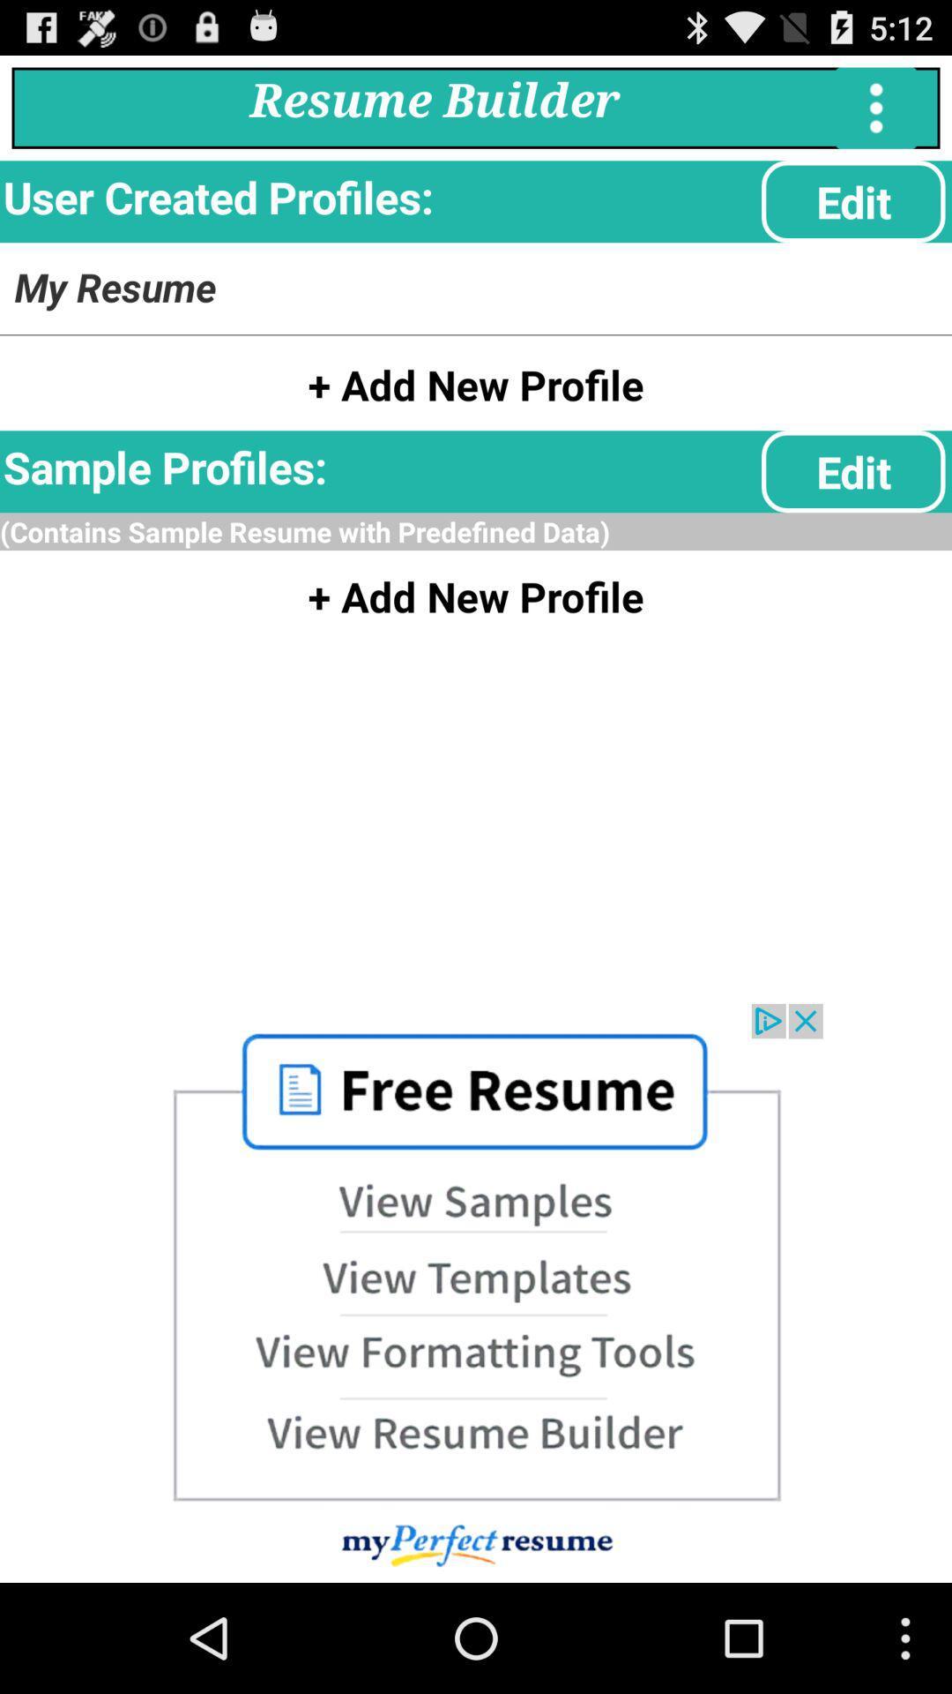  Describe the element at coordinates (476, 1293) in the screenshot. I see `open advertisement` at that location.